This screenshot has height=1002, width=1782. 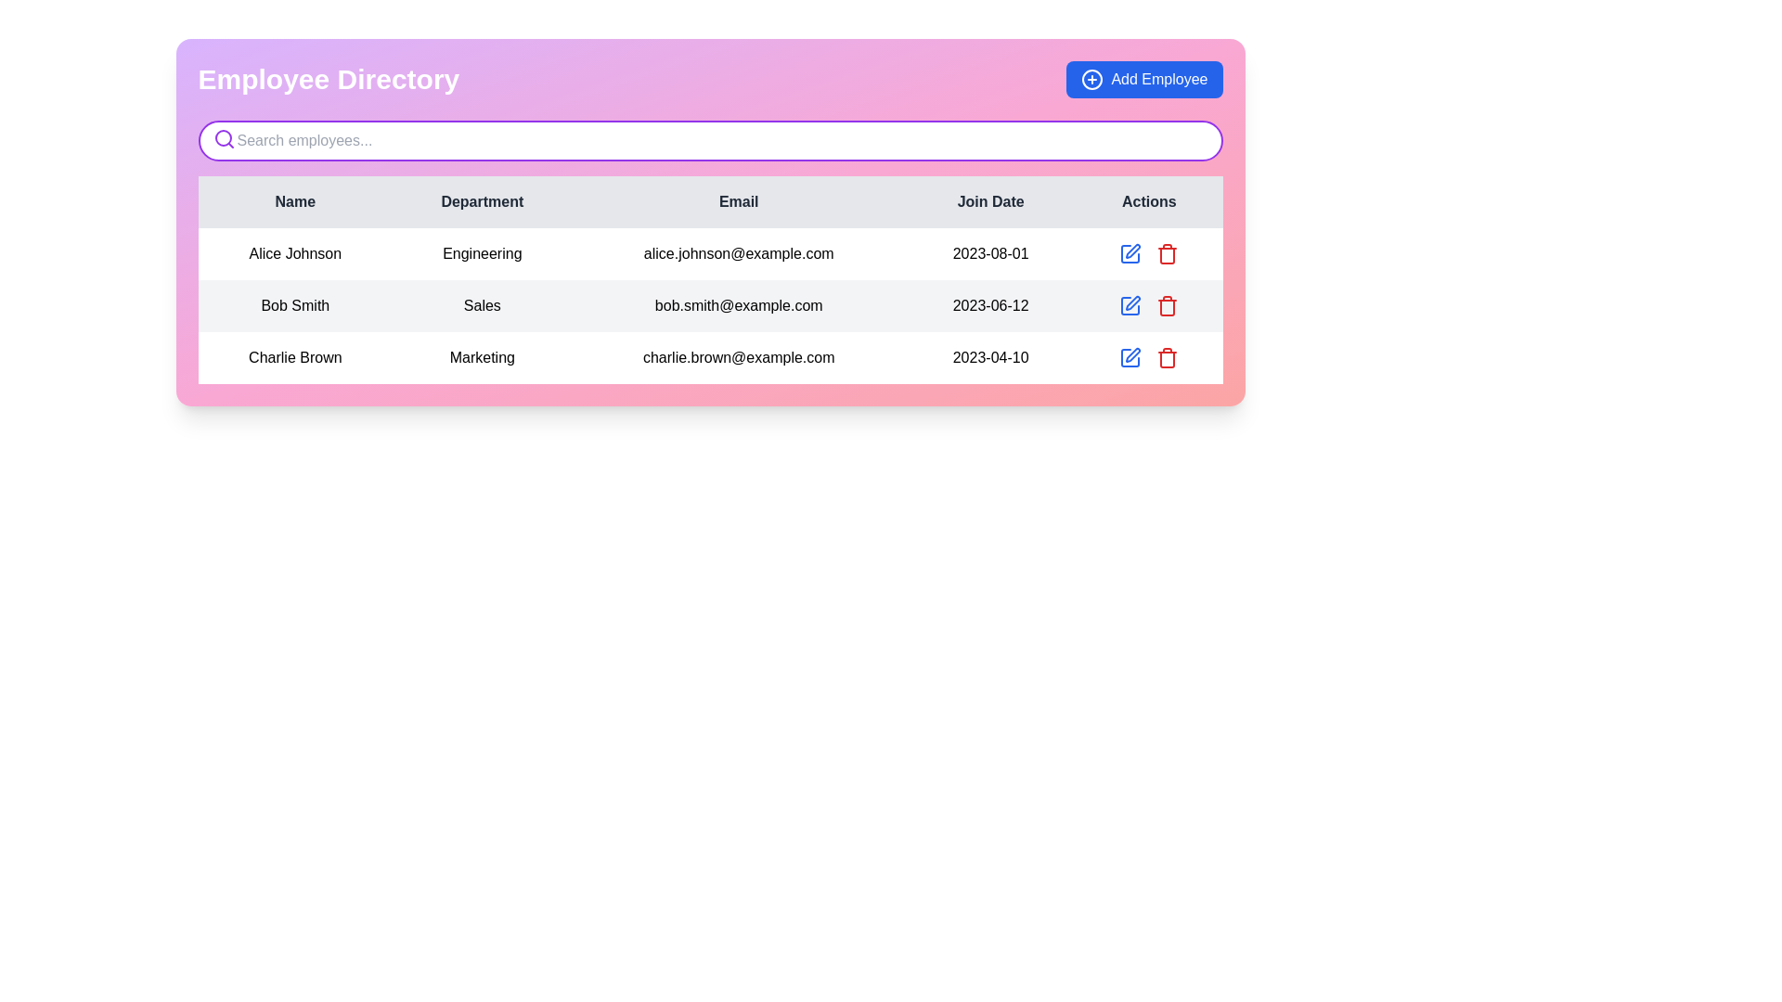 What do you see at coordinates (1132, 250) in the screenshot?
I see `the pen icon in the 'Actions' column of Alice Johnson's row to initiate editing` at bounding box center [1132, 250].